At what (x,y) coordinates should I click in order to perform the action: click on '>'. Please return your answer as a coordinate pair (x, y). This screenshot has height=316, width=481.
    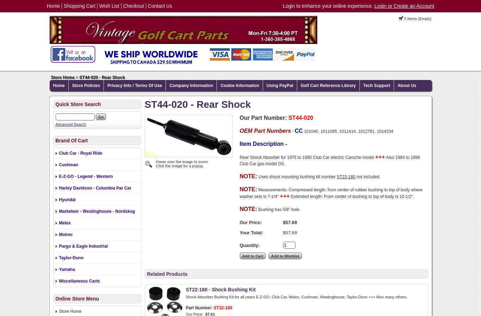
    Looking at the image, I should click on (74, 77).